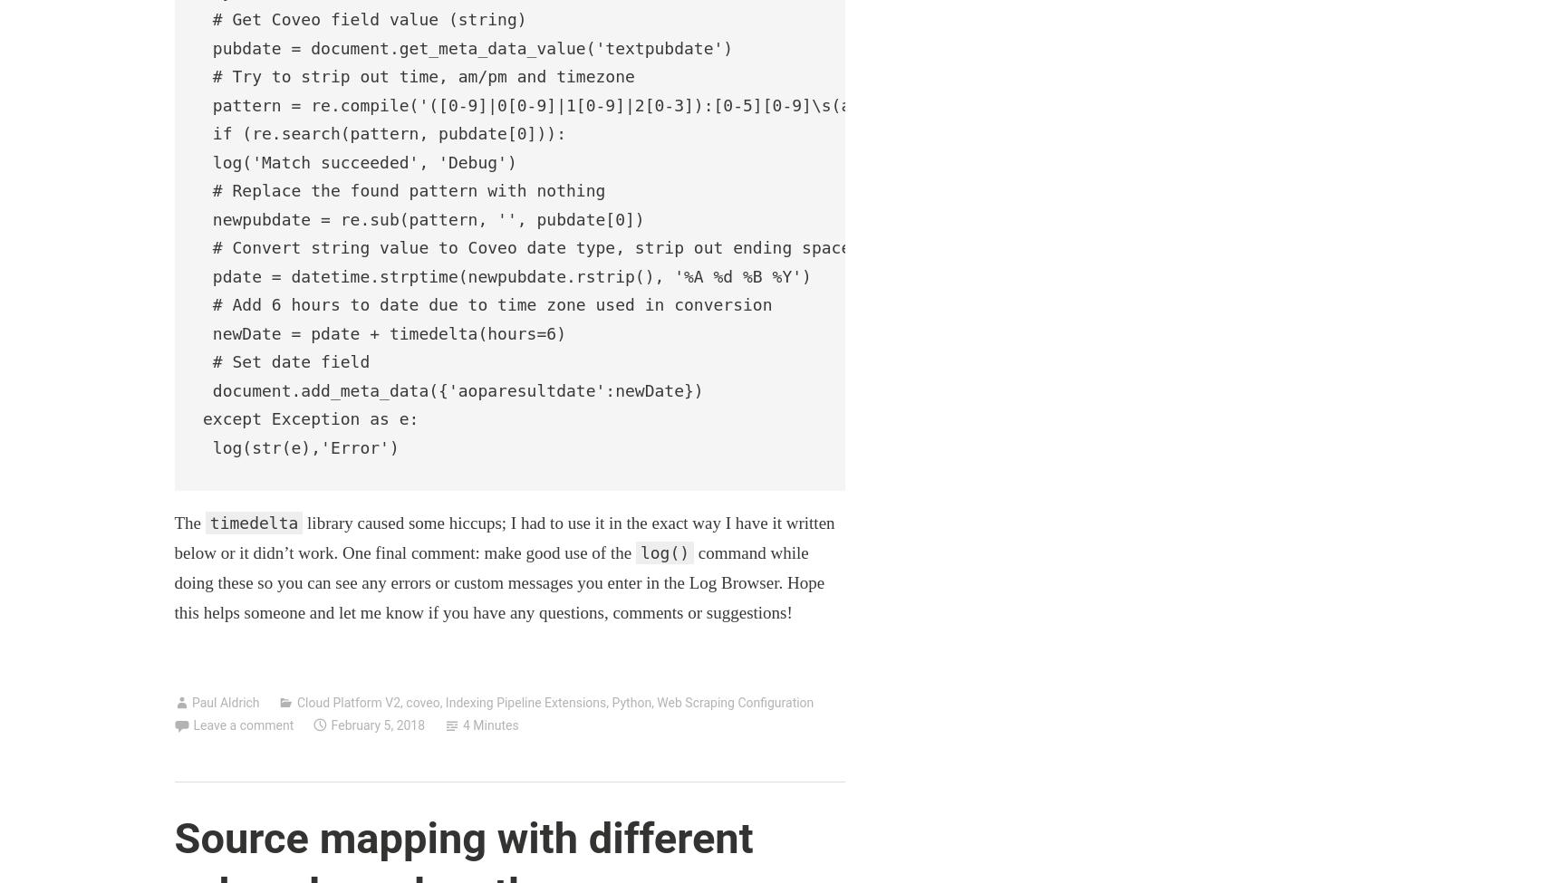 Image resolution: width=1542 pixels, height=883 pixels. I want to click on 'Leave a comment', so click(191, 725).